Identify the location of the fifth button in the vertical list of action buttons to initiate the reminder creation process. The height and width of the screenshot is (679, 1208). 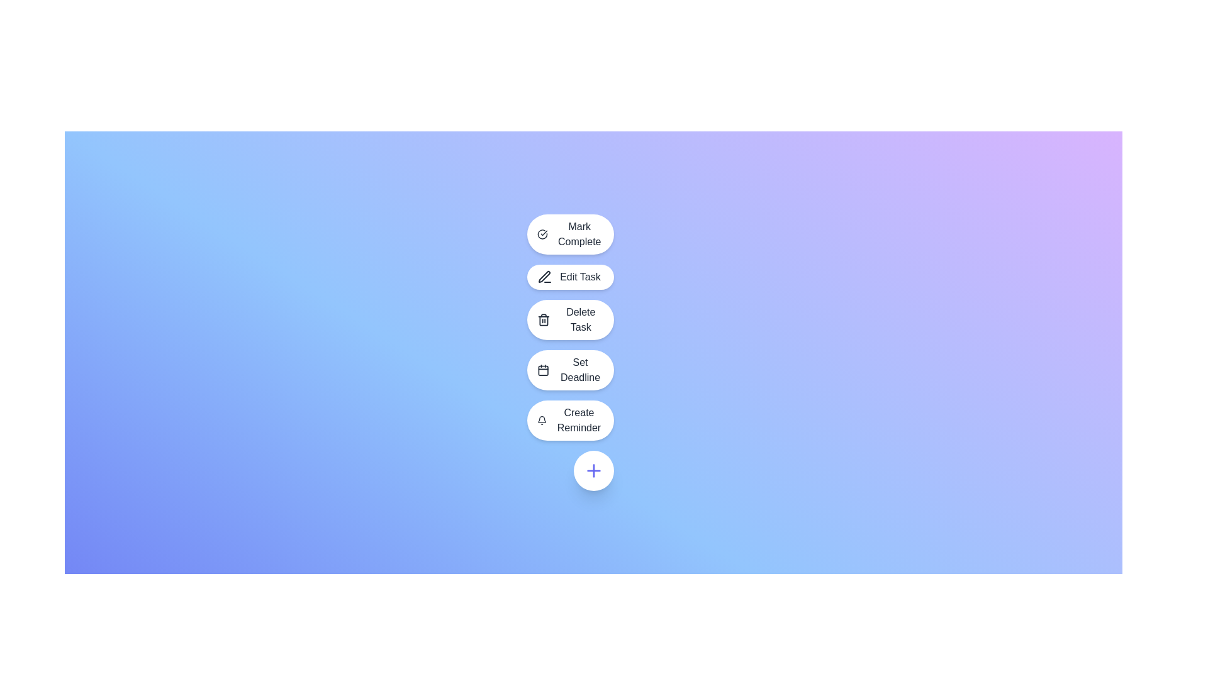
(569, 420).